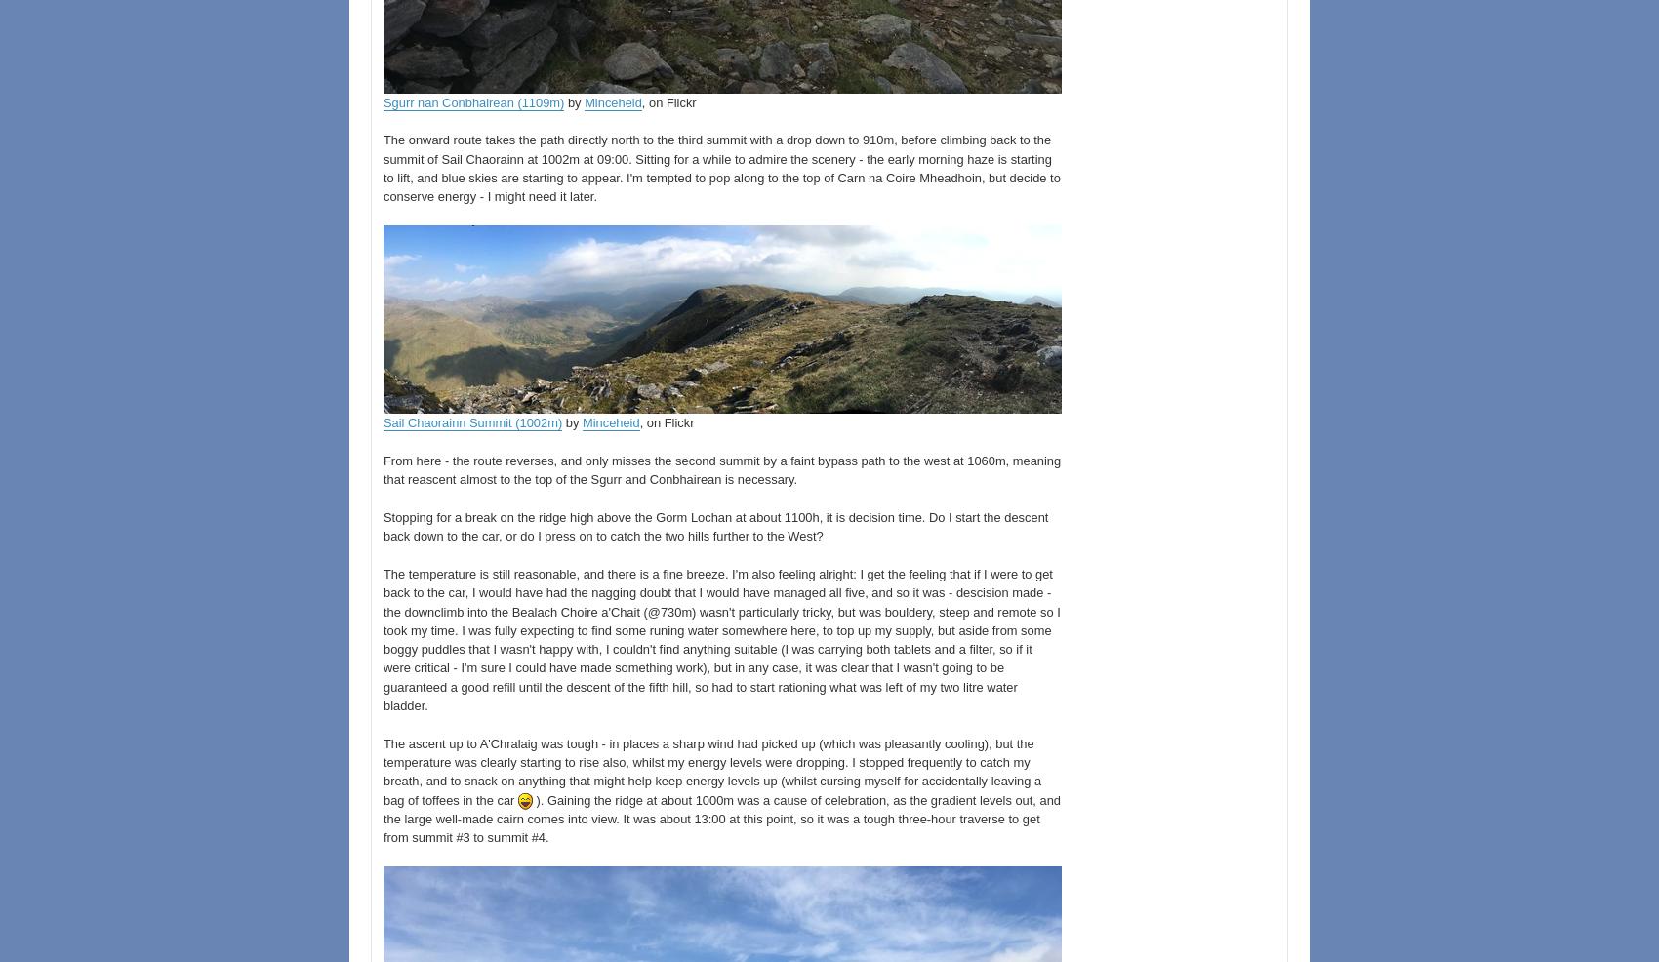 This screenshot has width=1659, height=962. I want to click on 'The ascent up to A'Chralaig was tough - in places a sharp wind had picked up (which was pleasantly cooling), but the temperature was clearly starting to rise also, whilst my energy levels were dropping. I stopped frequently to catch my breath, and to snack on anything that might help keep energy levels up (whilst cursing myself for accidentally leaving a bag of toffees in the car', so click(711, 771).